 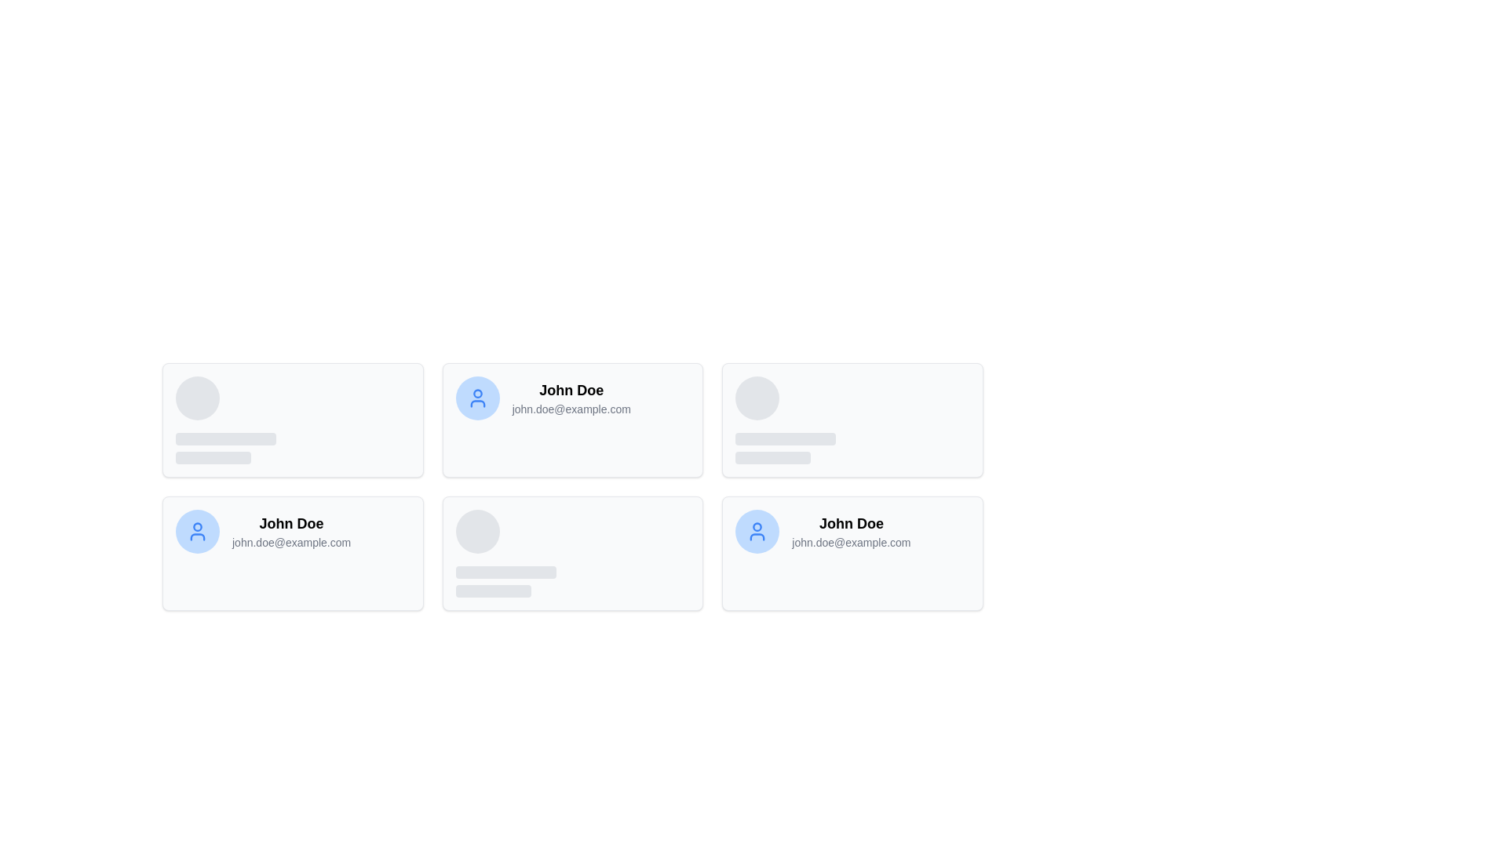 What do you see at coordinates (197, 536) in the screenshot?
I see `rounded rectangular user avatar icon located in the lower-left section of the user card grid` at bounding box center [197, 536].